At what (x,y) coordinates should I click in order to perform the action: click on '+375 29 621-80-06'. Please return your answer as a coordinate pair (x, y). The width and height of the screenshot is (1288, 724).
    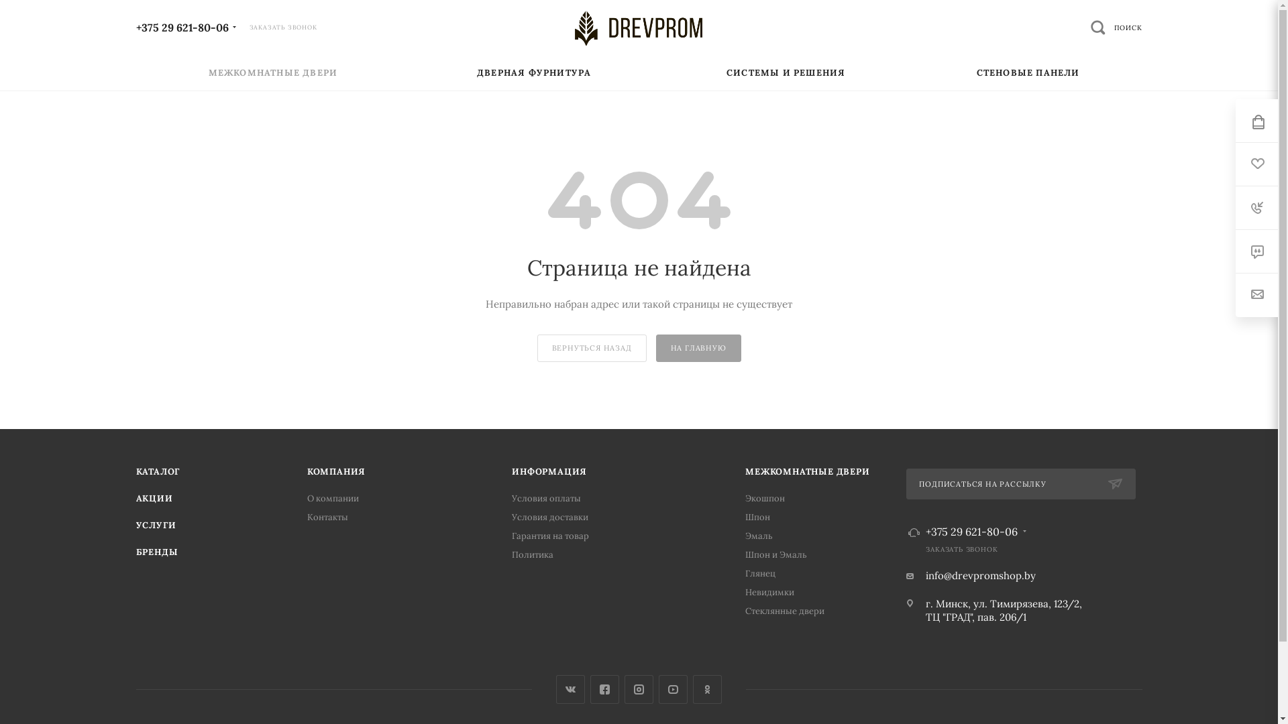
    Looking at the image, I should click on (180, 26).